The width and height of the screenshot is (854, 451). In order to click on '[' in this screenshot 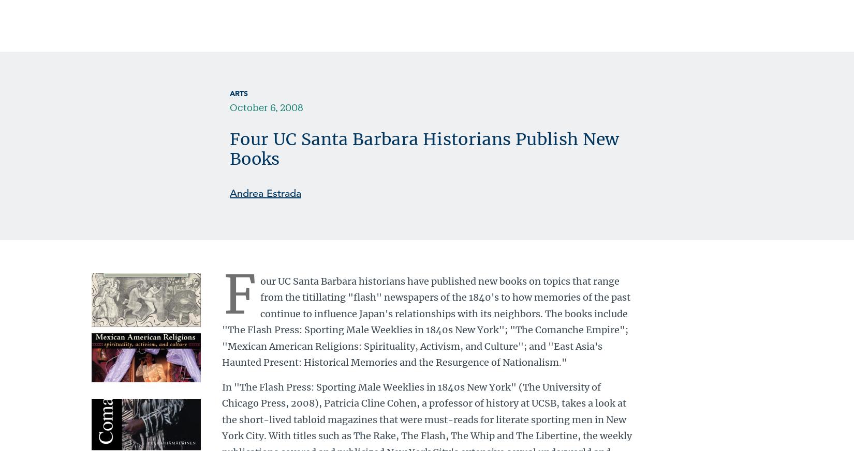, I will do `click(223, 172)`.